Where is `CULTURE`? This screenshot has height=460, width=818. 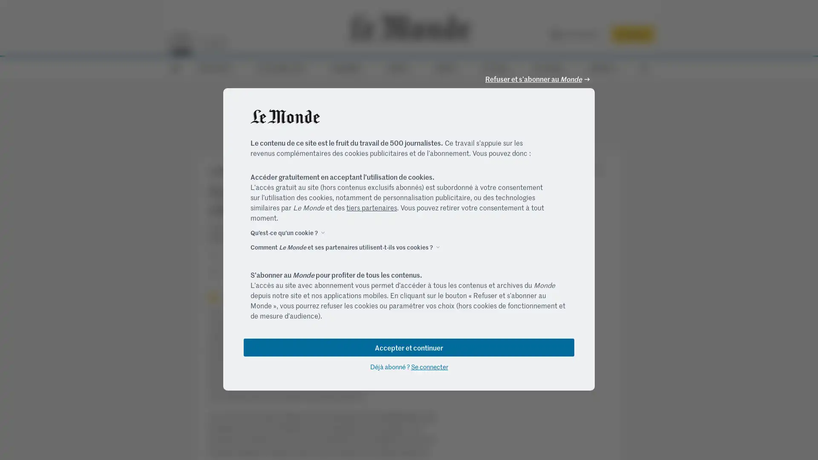 CULTURE is located at coordinates (499, 67).